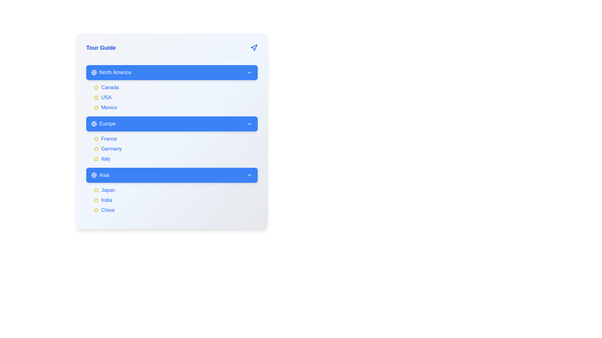 The width and height of the screenshot is (602, 338). What do you see at coordinates (103, 124) in the screenshot?
I see `the 'Europe' section label in the hierarchical navigation menu, which is part of a collapsible button element and is located next to an upward-facing chevron icon` at bounding box center [103, 124].